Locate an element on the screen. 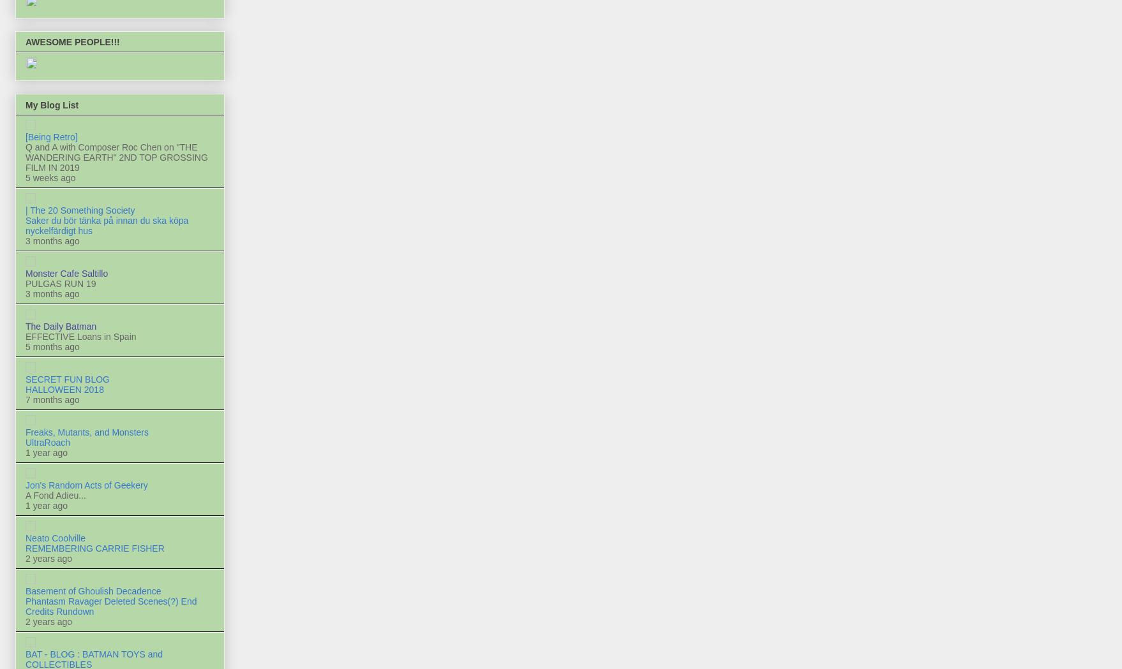 This screenshot has height=669, width=1122. 'AWESOME PEOPLE!!!' is located at coordinates (26, 41).